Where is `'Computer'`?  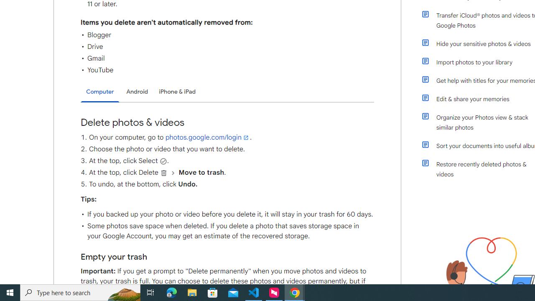 'Computer' is located at coordinates (100, 92).